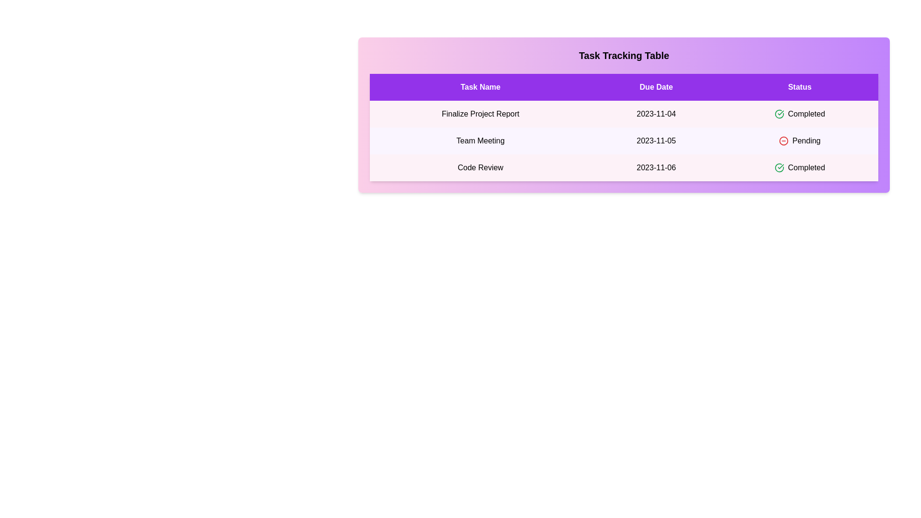 This screenshot has height=518, width=921. I want to click on the text '2023-11-06' in the table cell, so click(656, 167).